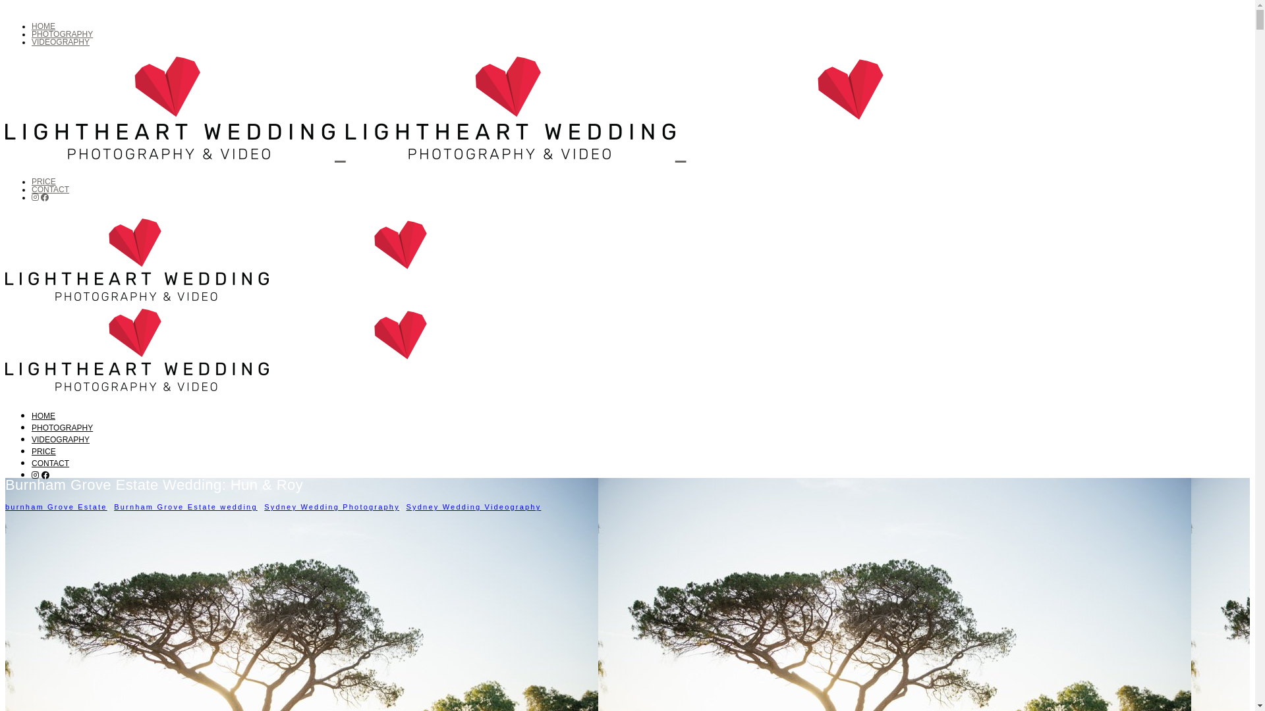 The width and height of the screenshot is (1265, 711). Describe the element at coordinates (331, 506) in the screenshot. I see `'Sydney Wedding Photography'` at that location.